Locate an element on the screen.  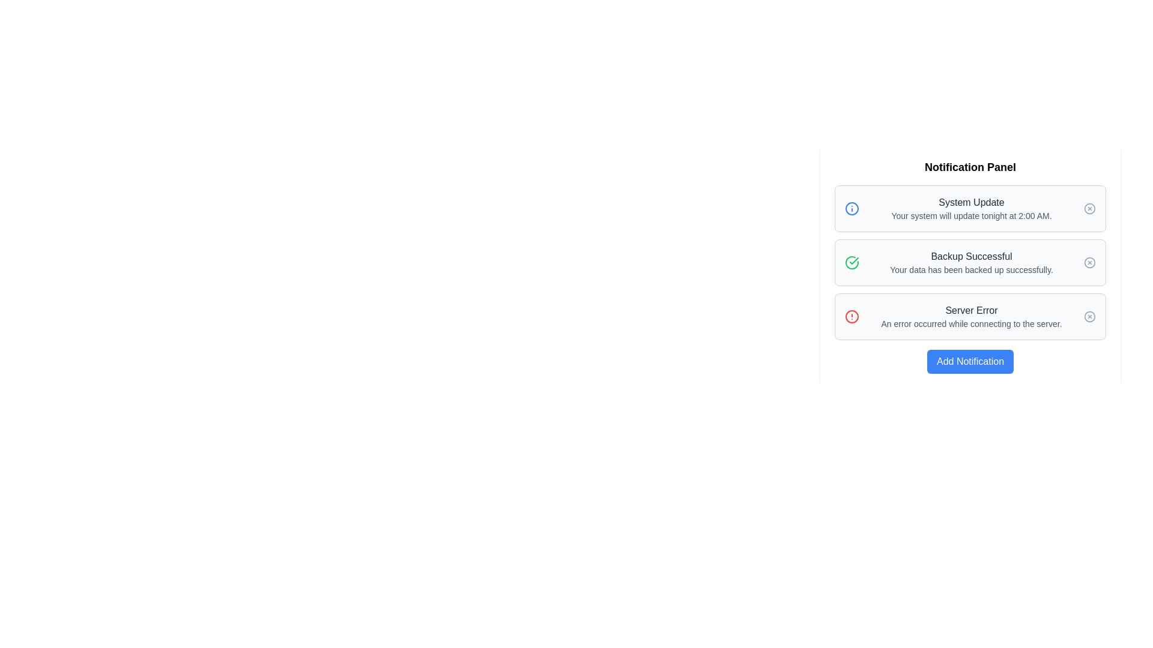
the interactive icon located at the far right side of the 'Backup Successful' notification card is located at coordinates (1089, 262).